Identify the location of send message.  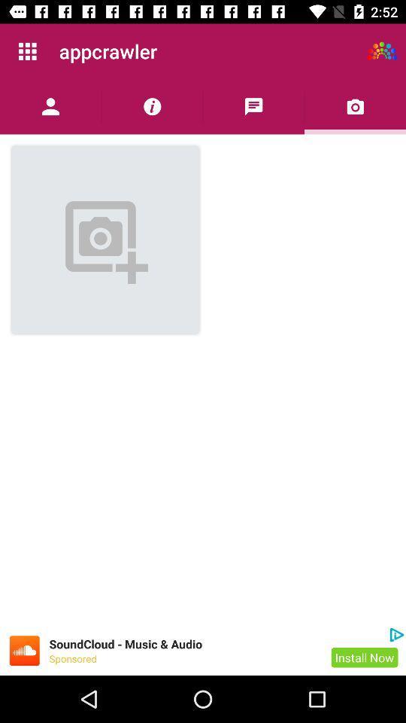
(253, 105).